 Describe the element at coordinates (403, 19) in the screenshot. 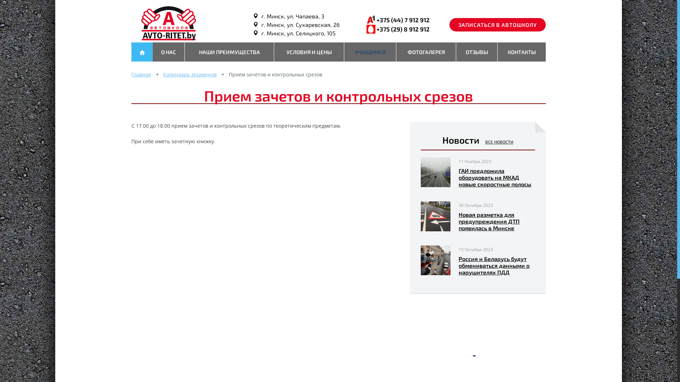

I see `'+375 (44) 7 912 912'` at that location.